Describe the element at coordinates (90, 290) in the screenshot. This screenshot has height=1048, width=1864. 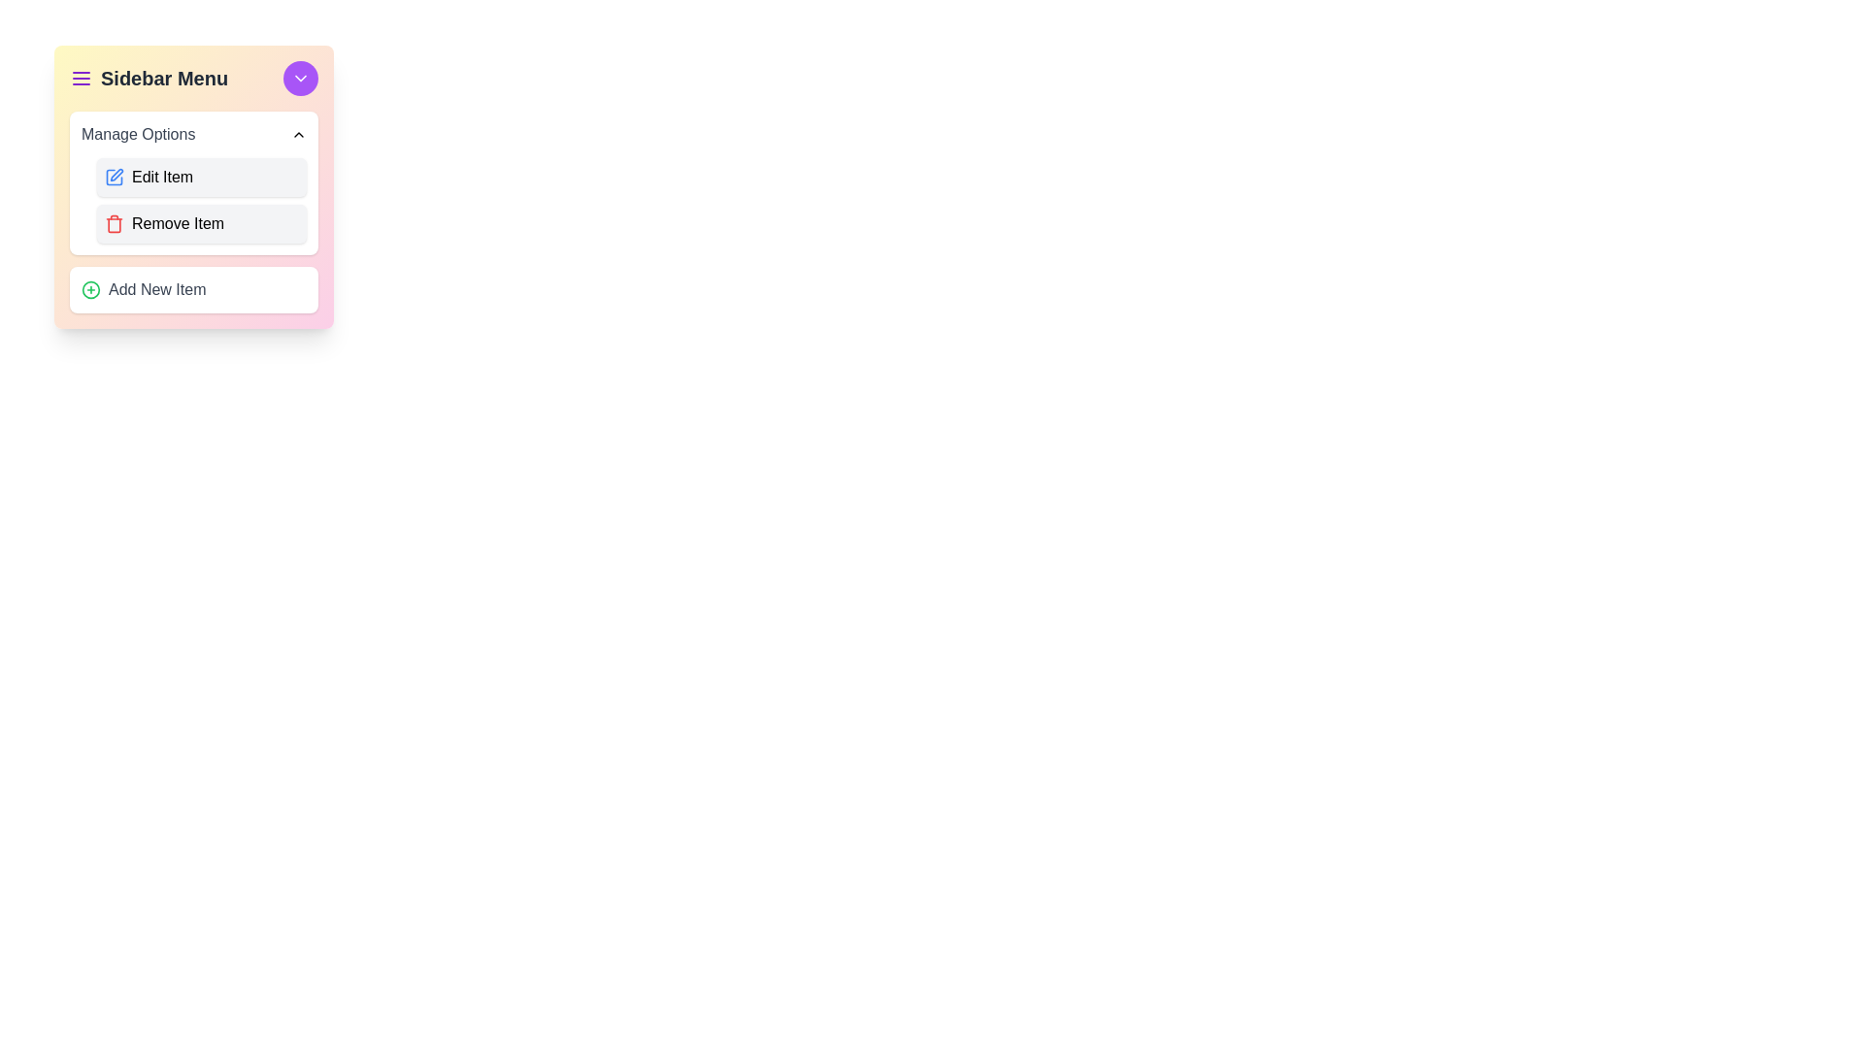
I see `the SVG icon depicting a green plus symbol within a circle, located to the left of the 'Add New Item' text in the 'Manage Options' section of the sidebar menu` at that location.